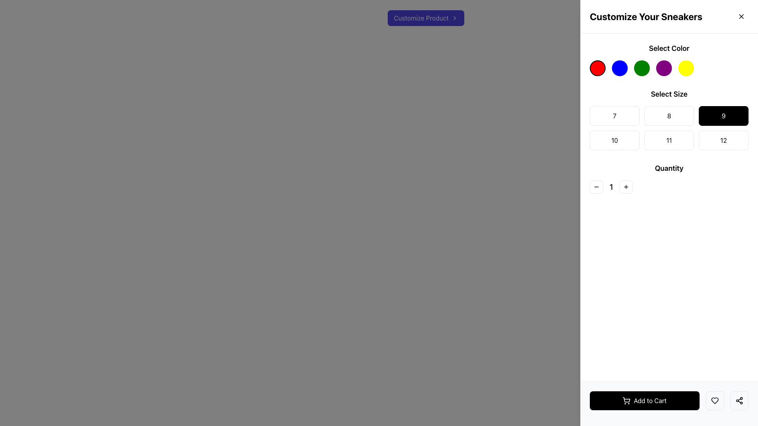  What do you see at coordinates (668, 116) in the screenshot?
I see `the size selection button located in the second column of the top row in a 3x2 grid layout` at bounding box center [668, 116].